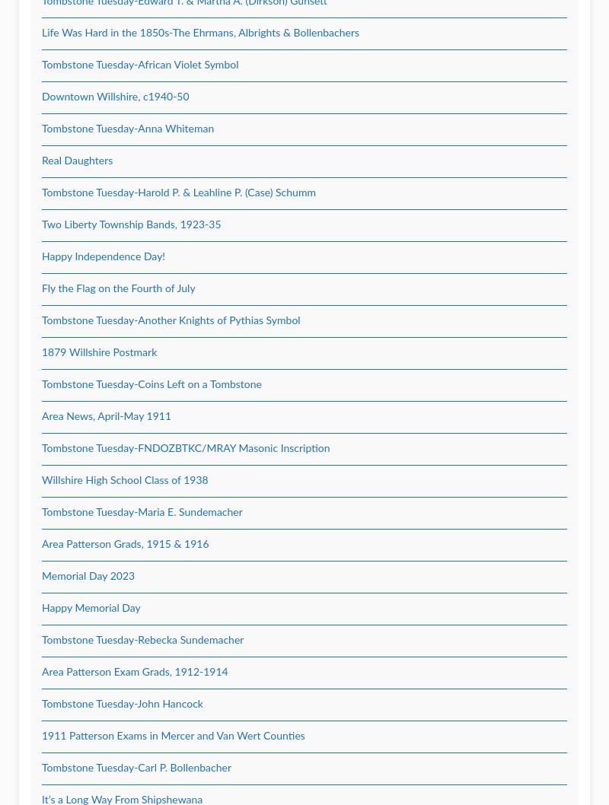  I want to click on 'Fly the Flag on the Fourth of July', so click(118, 289).